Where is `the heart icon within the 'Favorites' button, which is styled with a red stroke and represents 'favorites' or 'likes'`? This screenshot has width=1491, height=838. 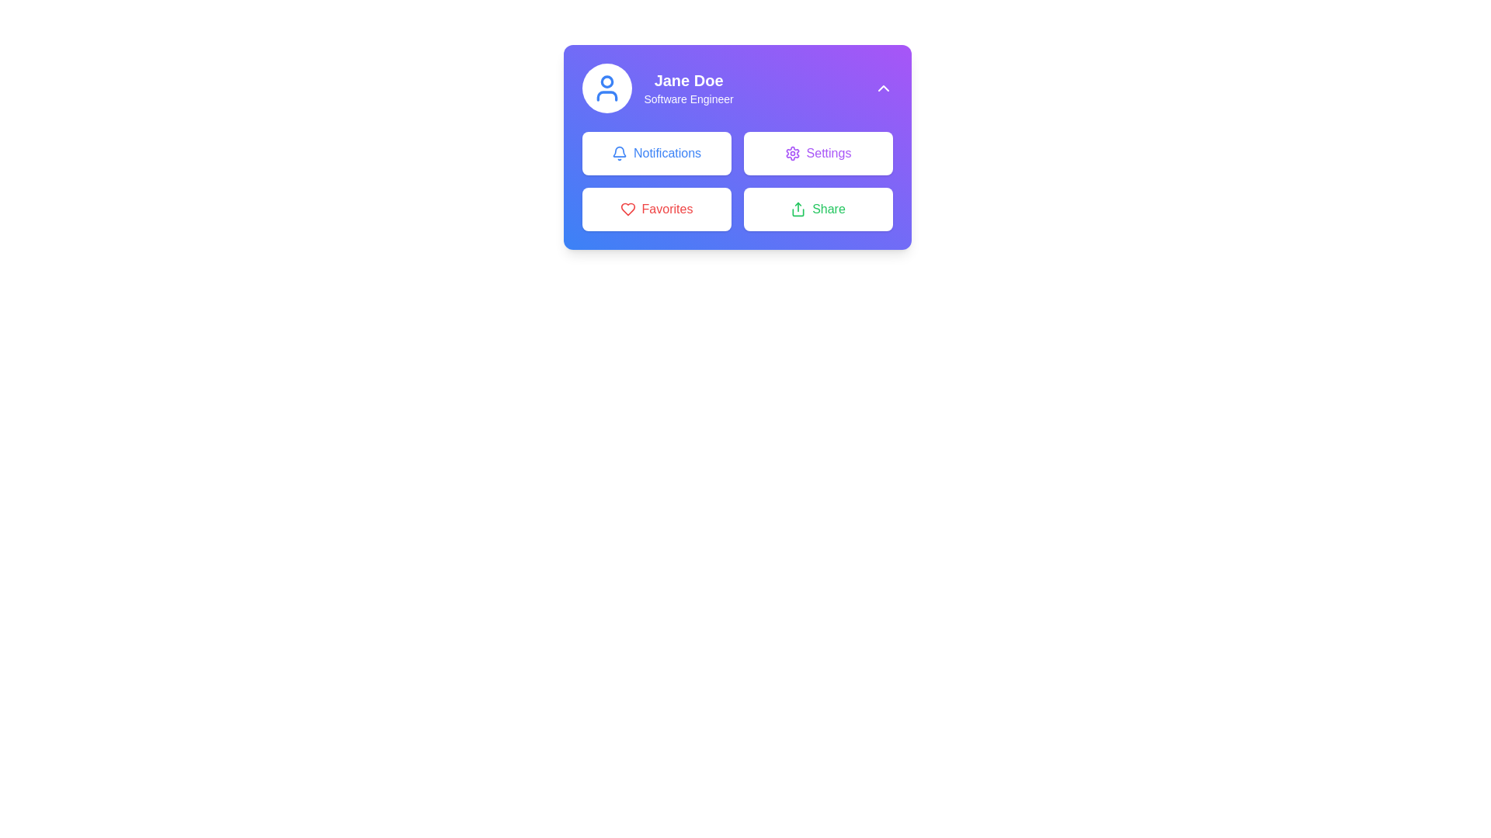 the heart icon within the 'Favorites' button, which is styled with a red stroke and represents 'favorites' or 'likes' is located at coordinates (627, 209).